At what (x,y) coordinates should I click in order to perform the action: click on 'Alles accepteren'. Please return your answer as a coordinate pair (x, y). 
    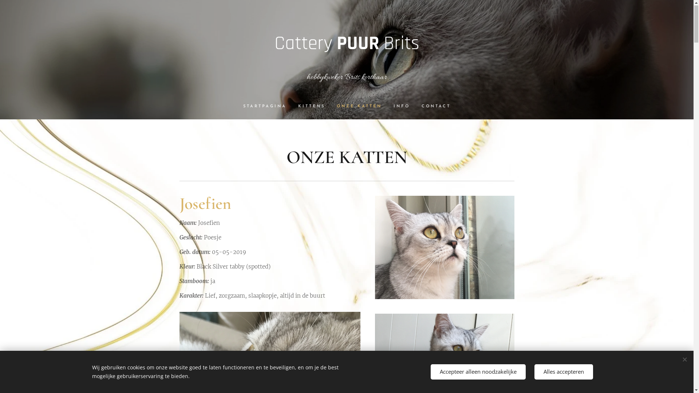
    Looking at the image, I should click on (563, 372).